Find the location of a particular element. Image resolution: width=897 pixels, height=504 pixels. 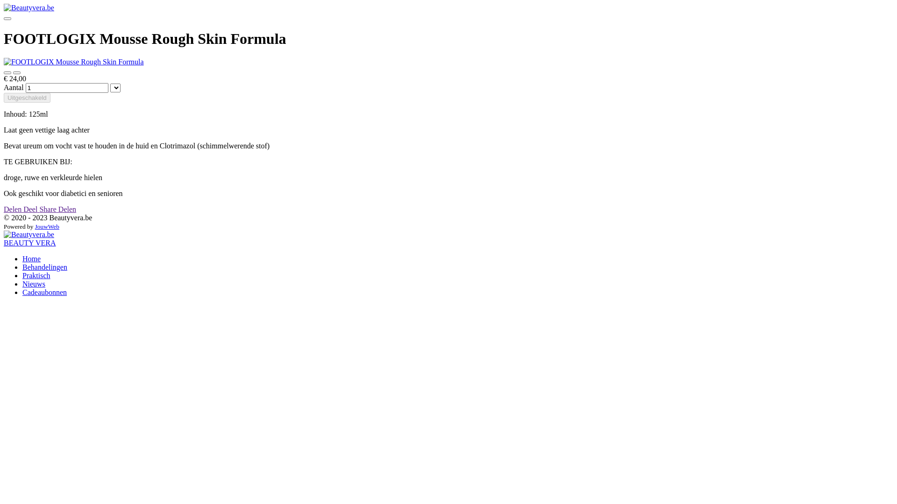

'Home' is located at coordinates (31, 259).